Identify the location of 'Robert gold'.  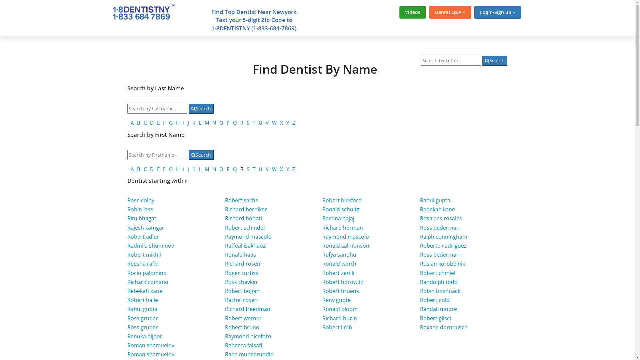
(435, 299).